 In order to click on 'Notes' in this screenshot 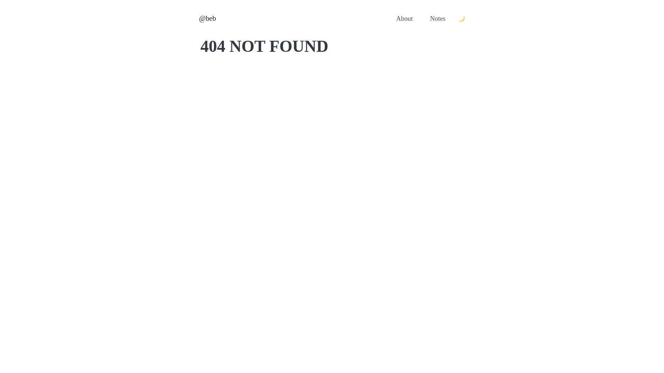, I will do `click(437, 18)`.